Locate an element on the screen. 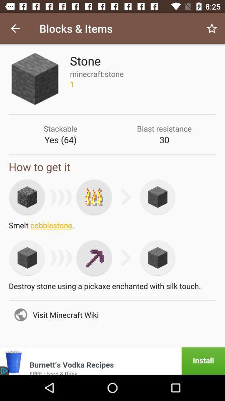 The width and height of the screenshot is (225, 401). option is located at coordinates (94, 197).